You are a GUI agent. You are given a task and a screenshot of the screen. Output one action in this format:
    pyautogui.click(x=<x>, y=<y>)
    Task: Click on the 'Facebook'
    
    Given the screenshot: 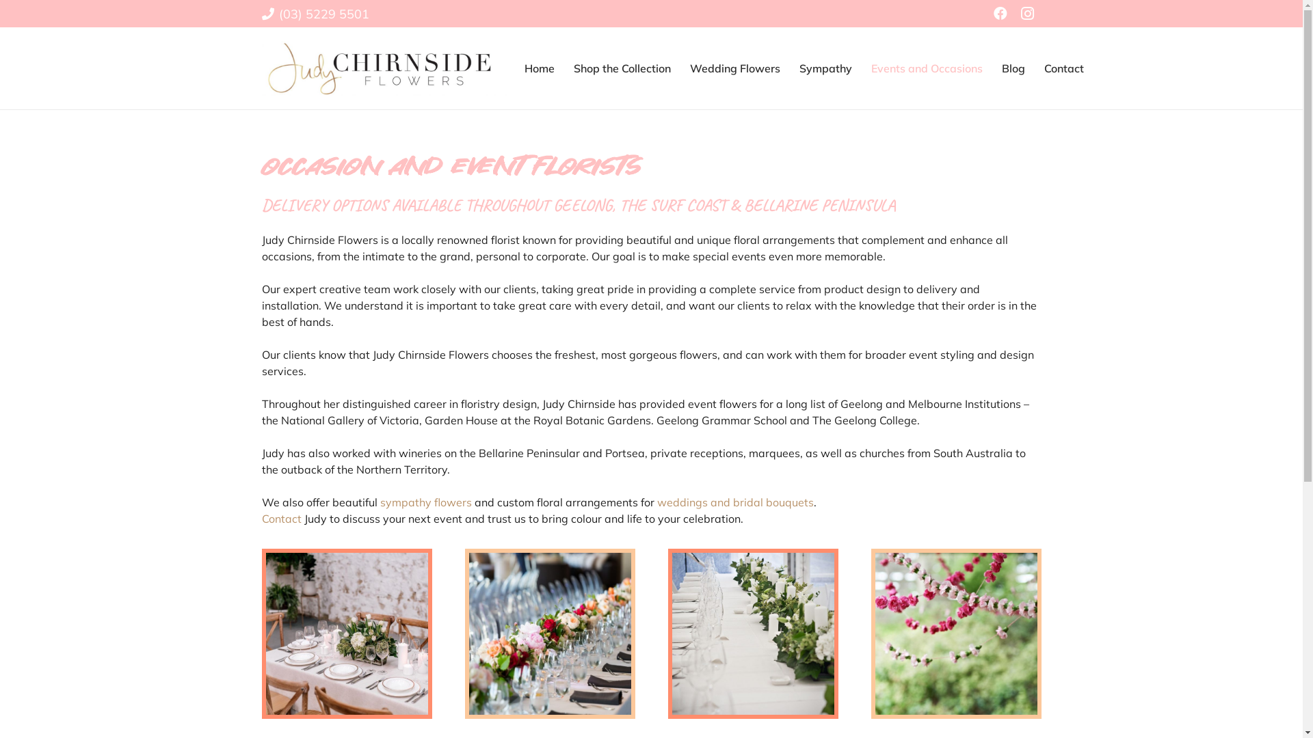 What is the action you would take?
    pyautogui.click(x=1000, y=13)
    